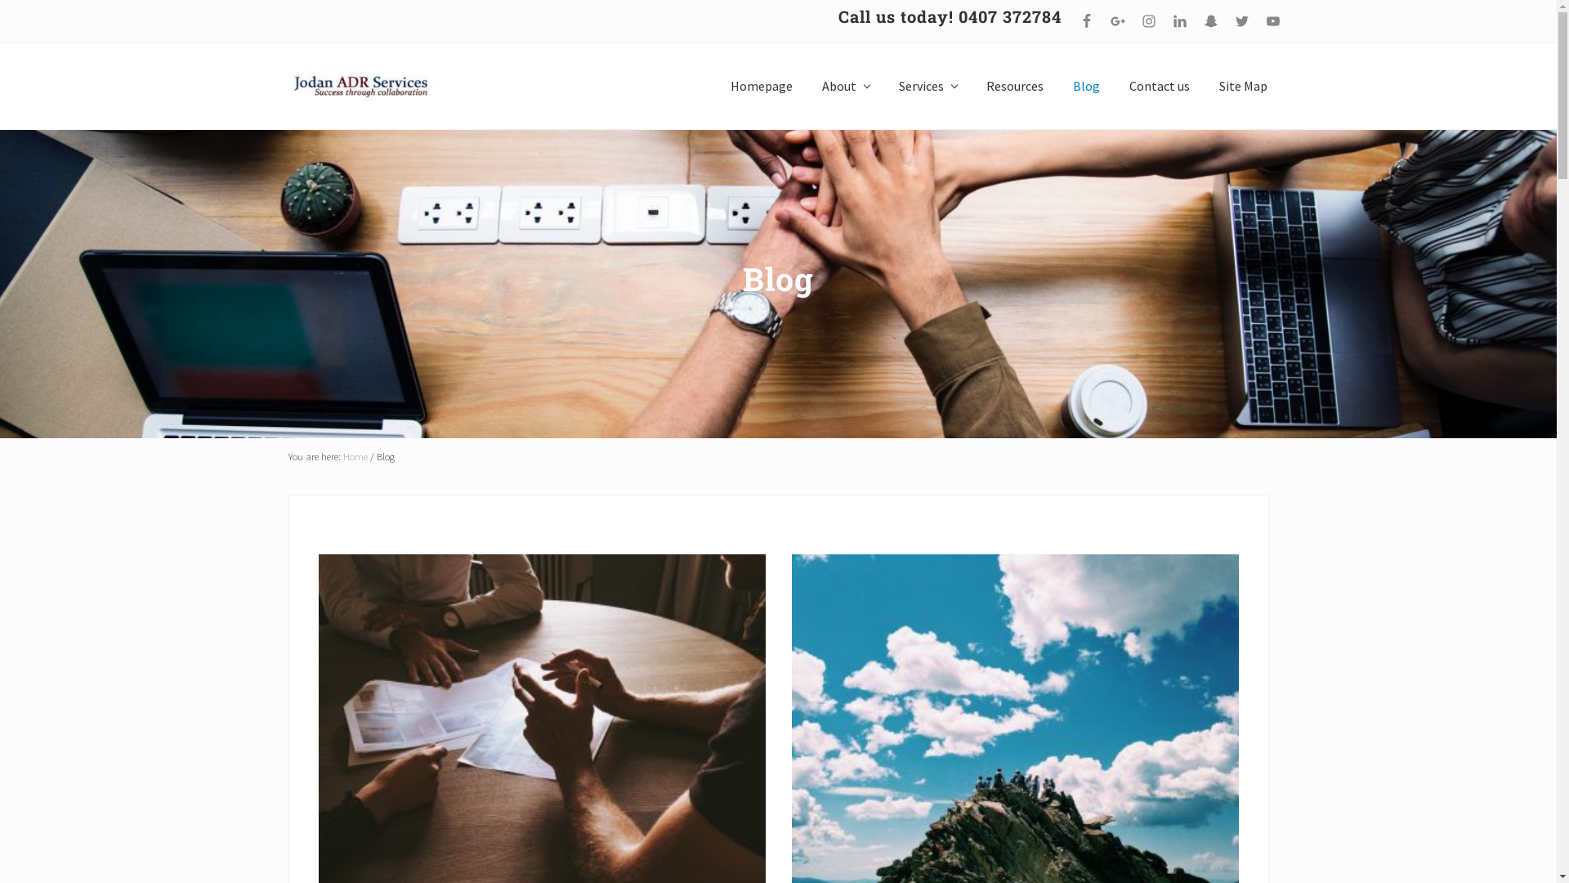 This screenshot has height=883, width=1569. What do you see at coordinates (355, 456) in the screenshot?
I see `'Home'` at bounding box center [355, 456].